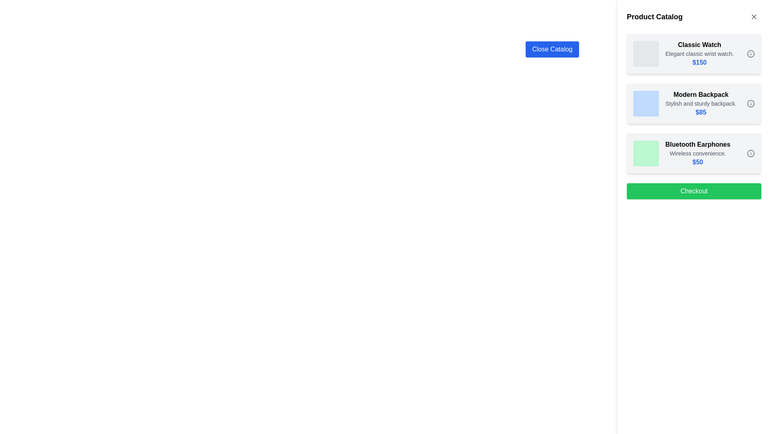 The height and width of the screenshot is (434, 771). I want to click on the product label group for 'Bluetooth Earphones', so click(697, 153).